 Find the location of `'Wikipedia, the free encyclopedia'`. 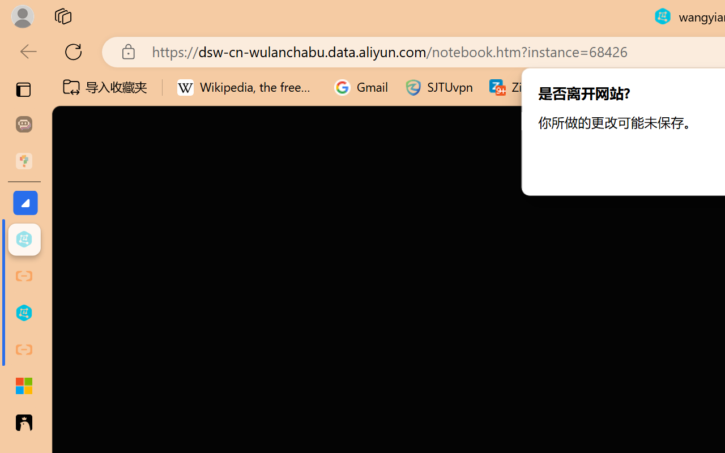

'Wikipedia, the free encyclopedia' is located at coordinates (247, 87).